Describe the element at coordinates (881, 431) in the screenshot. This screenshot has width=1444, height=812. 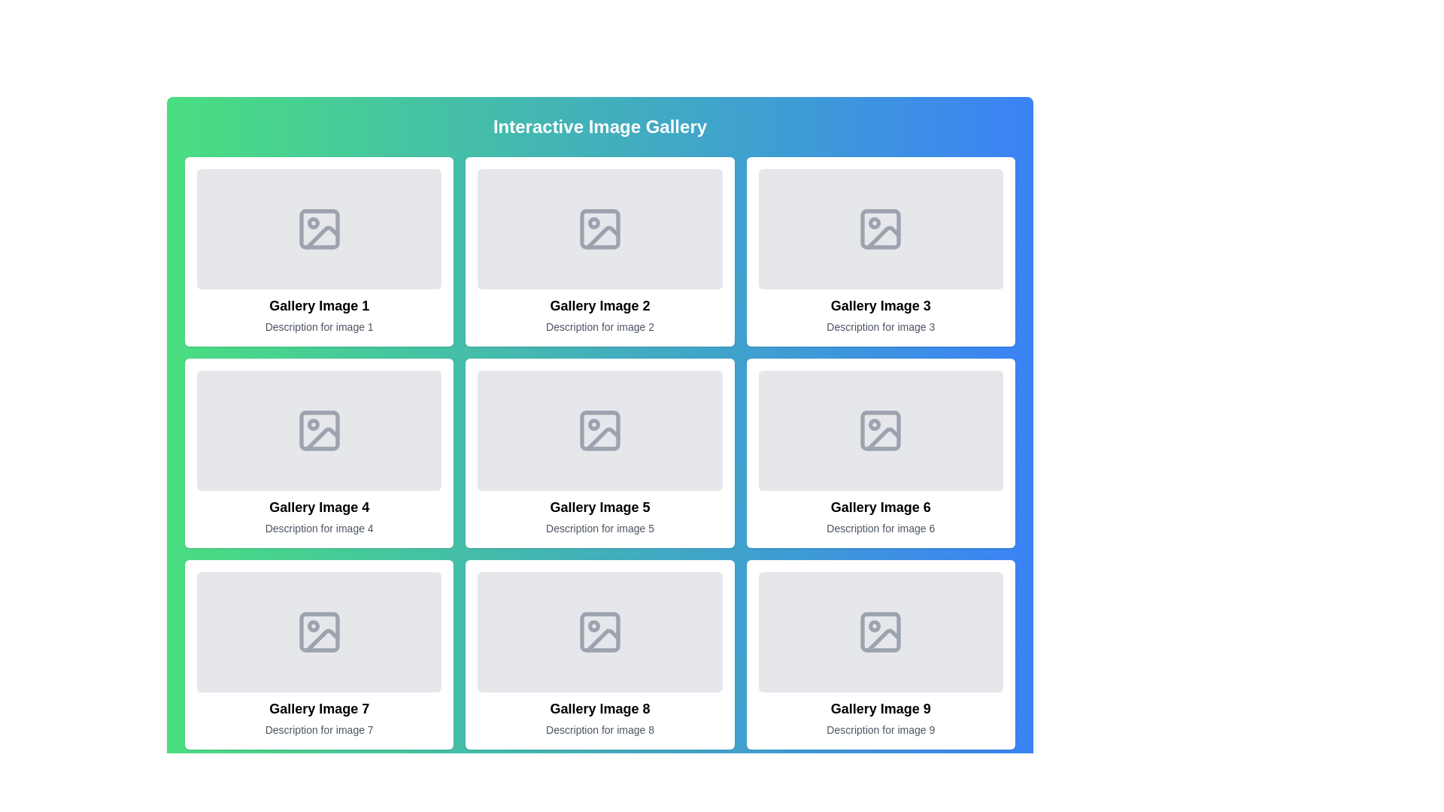
I see `the Image Placeholder element with a gray background and an image placeholder icon, located in the middle column of the gallery grid layout in the second row` at that location.